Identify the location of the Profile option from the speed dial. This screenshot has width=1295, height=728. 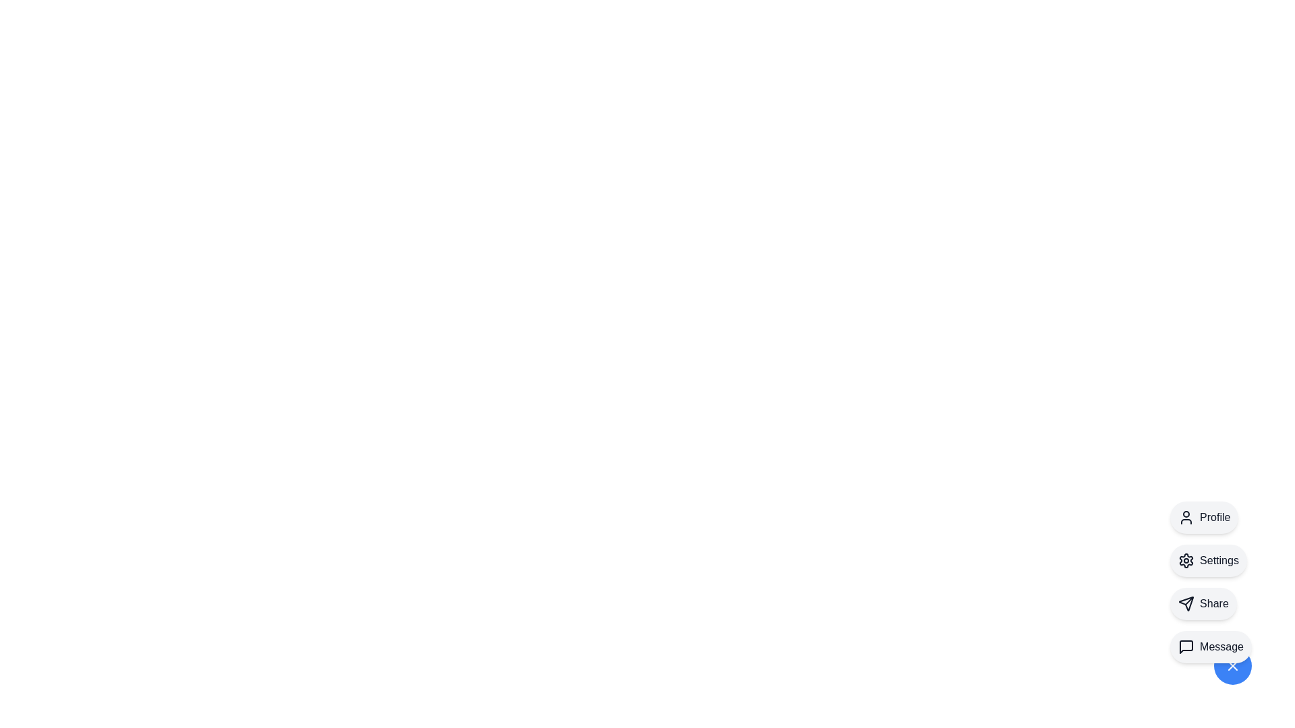
(1204, 516).